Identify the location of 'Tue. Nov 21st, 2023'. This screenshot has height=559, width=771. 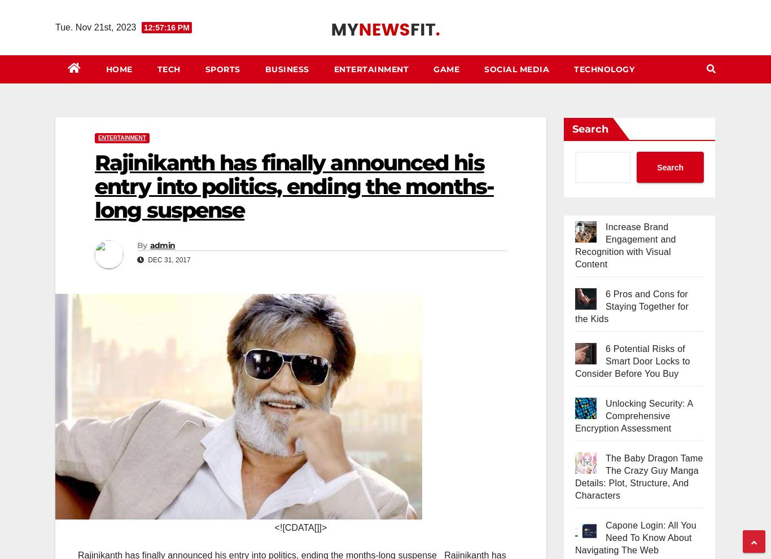
(55, 27).